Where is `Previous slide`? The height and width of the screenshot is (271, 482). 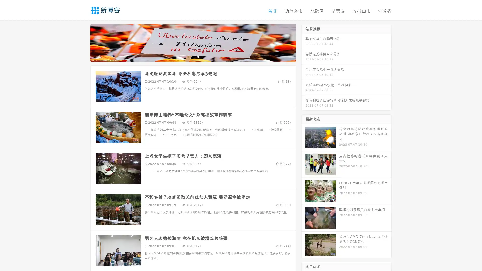
Previous slide is located at coordinates (83, 42).